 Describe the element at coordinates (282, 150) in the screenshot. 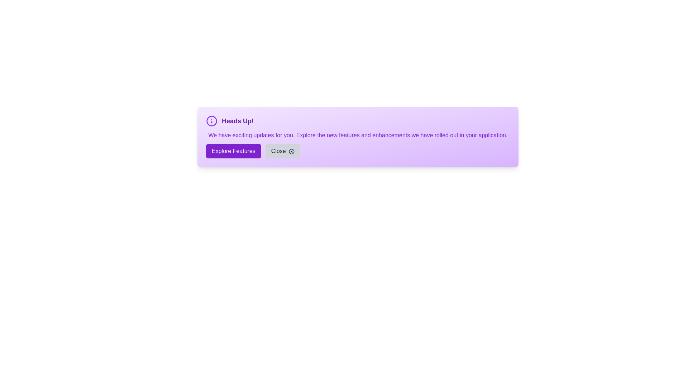

I see `the button Close to view its hover state` at that location.